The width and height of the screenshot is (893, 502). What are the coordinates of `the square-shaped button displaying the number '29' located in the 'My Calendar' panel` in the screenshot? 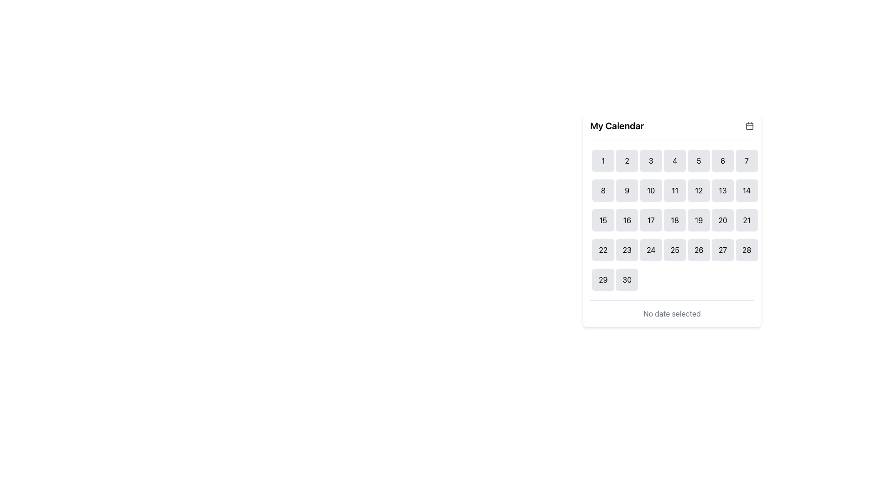 It's located at (603, 279).